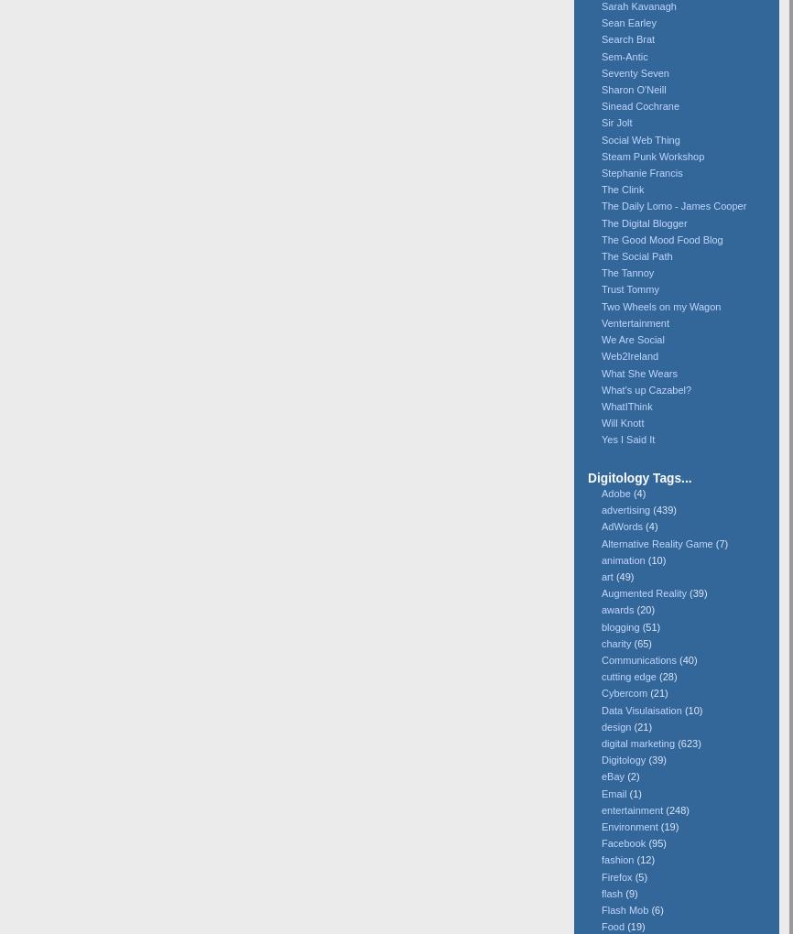 This screenshot has height=934, width=793. Describe the element at coordinates (639, 104) in the screenshot. I see `'Sinead Cochrane'` at that location.